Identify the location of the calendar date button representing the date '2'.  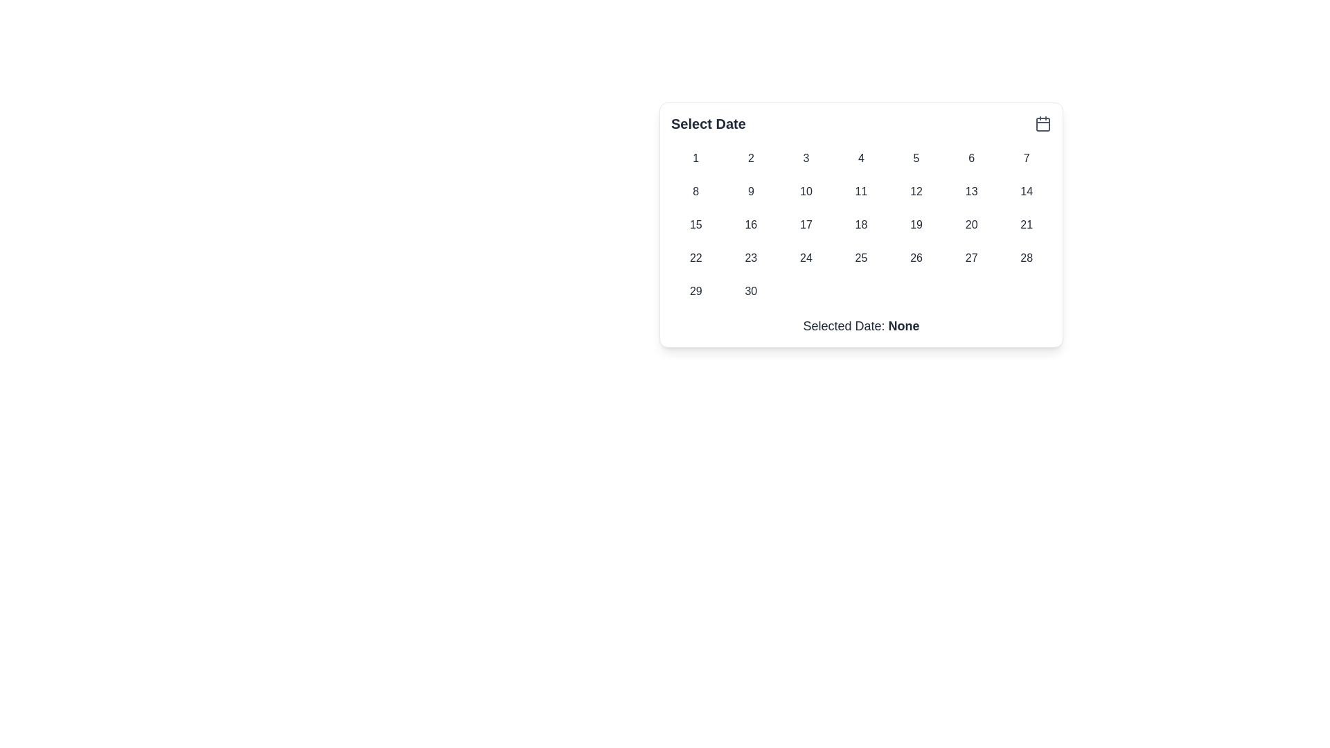
(750, 157).